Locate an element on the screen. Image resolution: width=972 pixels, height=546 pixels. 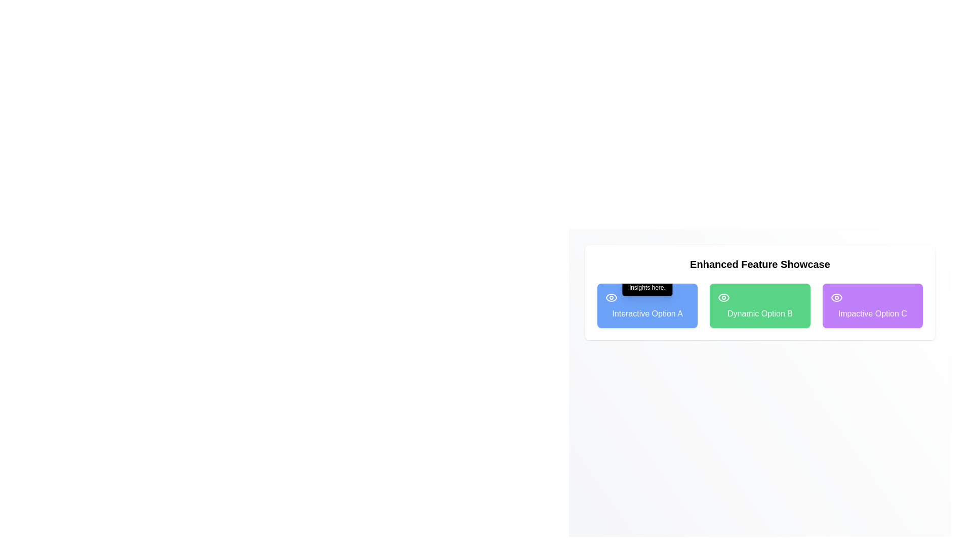
the text label reading 'Dynamic Option B' which is styled with a bold white font on a green rectangular background, located within a green card-like box is located at coordinates (760, 313).